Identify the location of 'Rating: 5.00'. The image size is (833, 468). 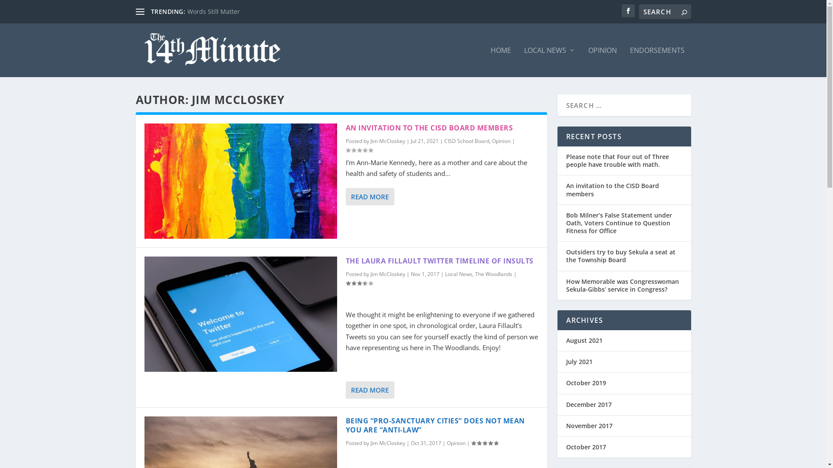
(484, 443).